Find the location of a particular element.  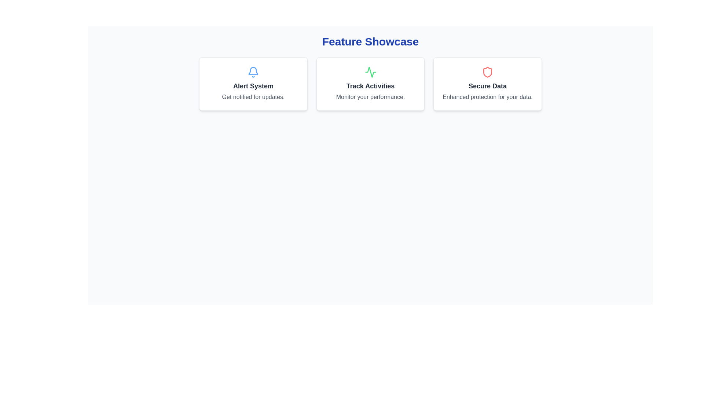

the non-interactive text label providing additional information about the 'Secure Data' feature, located centrally below the 'Secure Data' text in the third card from the left is located at coordinates (487, 97).